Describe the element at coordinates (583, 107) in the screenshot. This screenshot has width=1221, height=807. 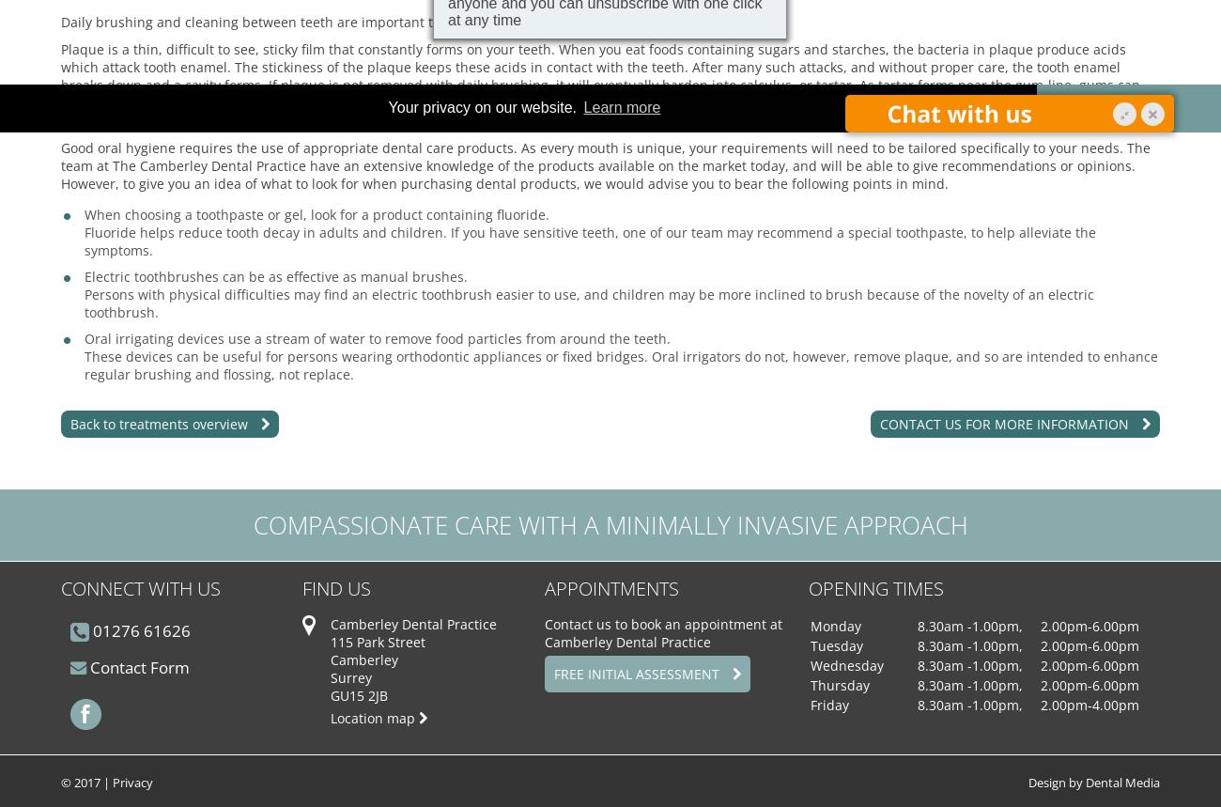
I see `'Learn more'` at that location.